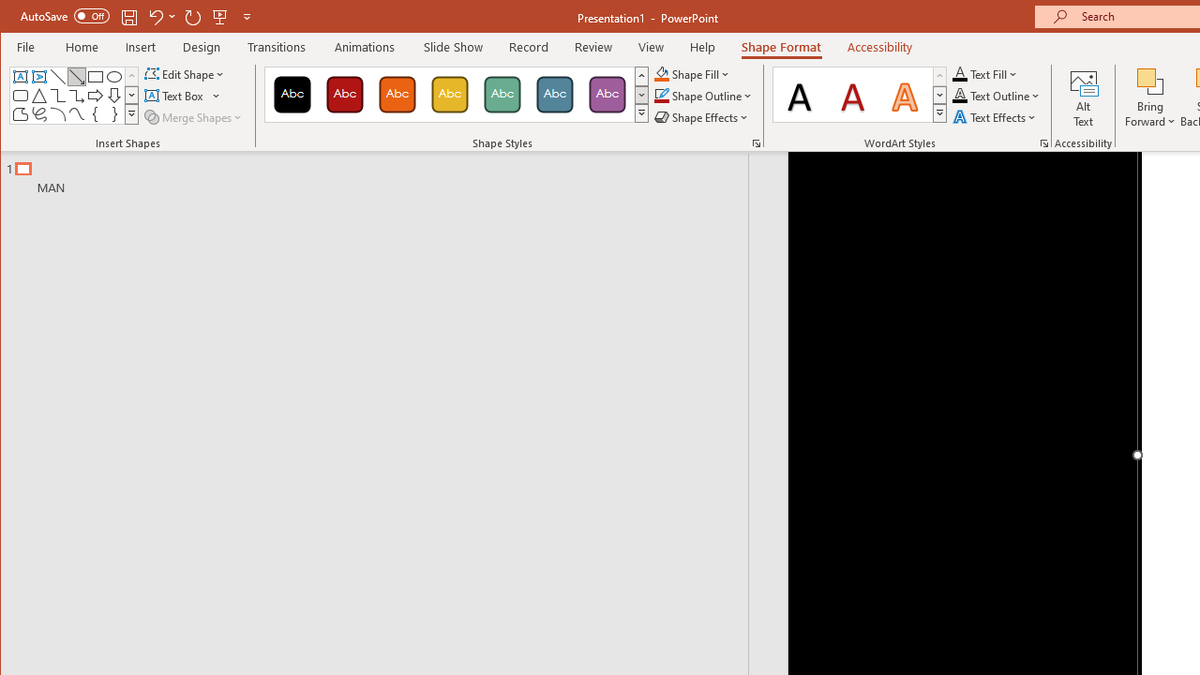  I want to click on 'Alt Text', so click(1084, 97).